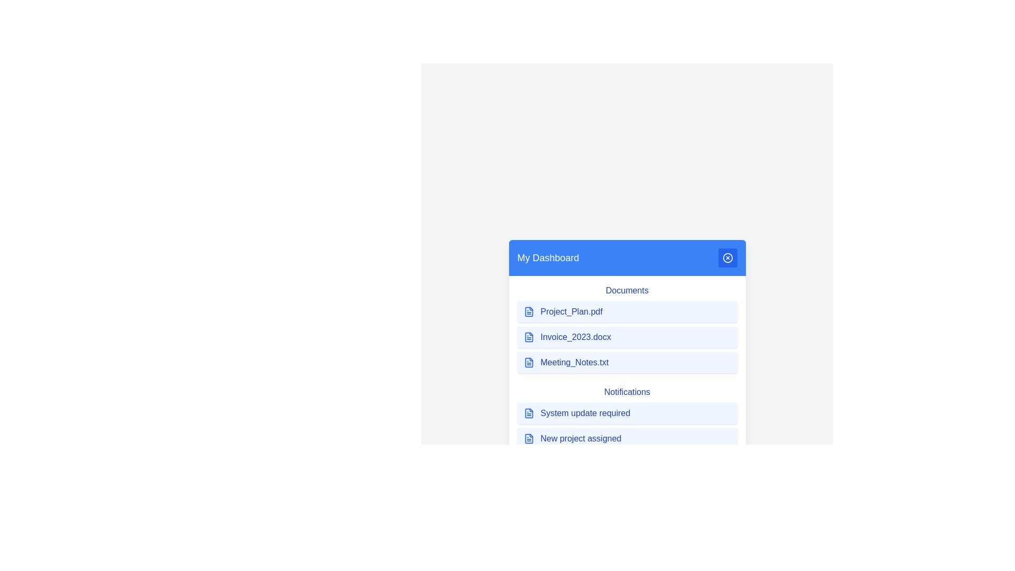  Describe the element at coordinates (627, 413) in the screenshot. I see `the item System update required in the menu to highlight it` at that location.